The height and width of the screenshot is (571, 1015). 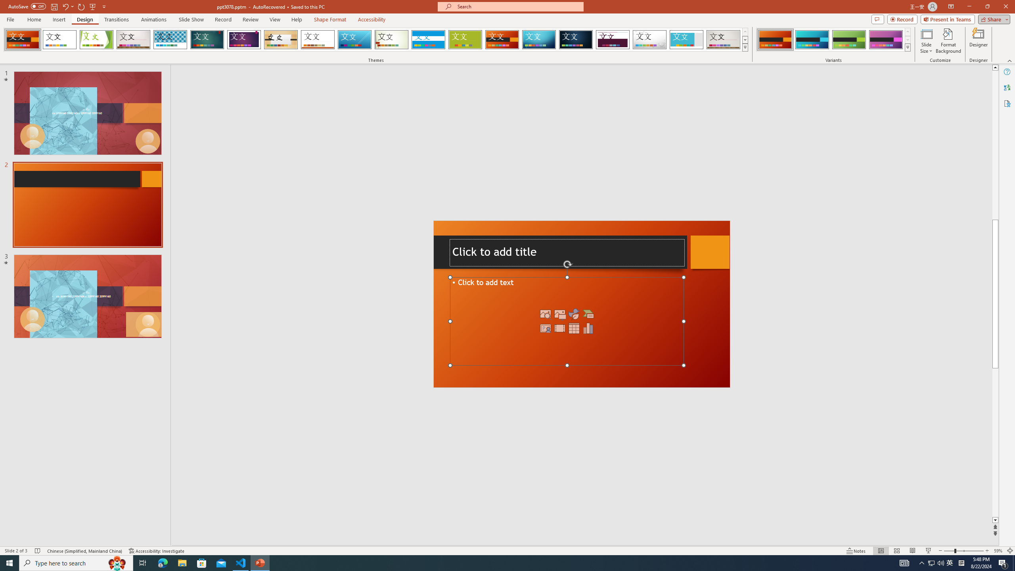 I want to click on 'AutomationID: SlideThemesGallery', so click(x=375, y=39).